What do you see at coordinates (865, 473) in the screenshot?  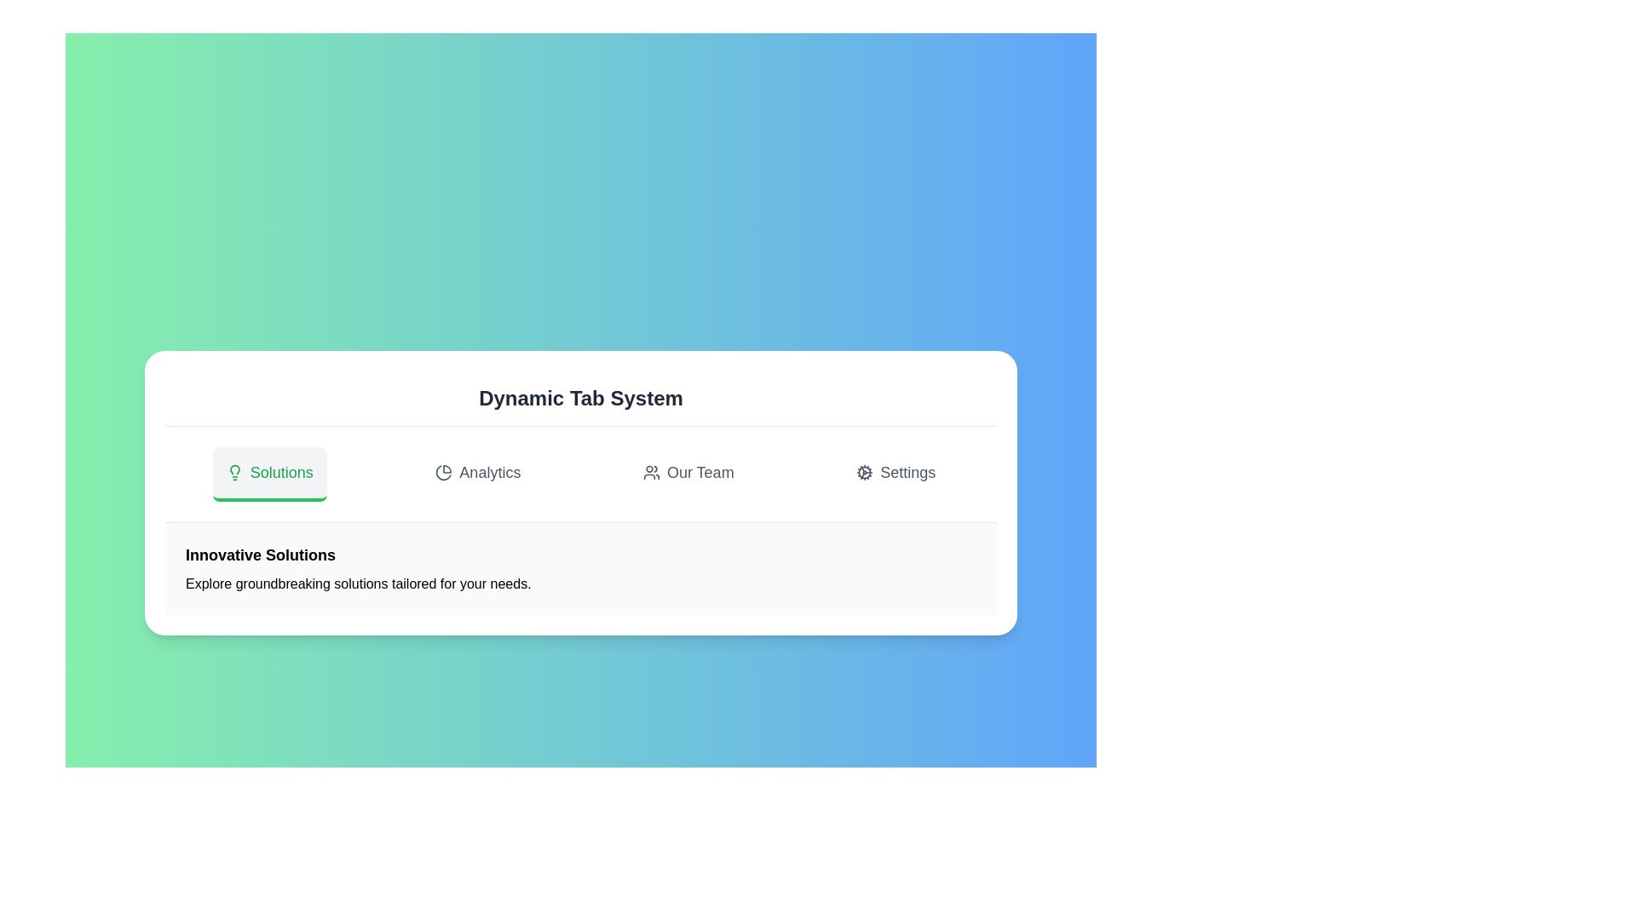 I see `the settings icon located to the left of the 'Settings' text label in the navigation menu bar` at bounding box center [865, 473].